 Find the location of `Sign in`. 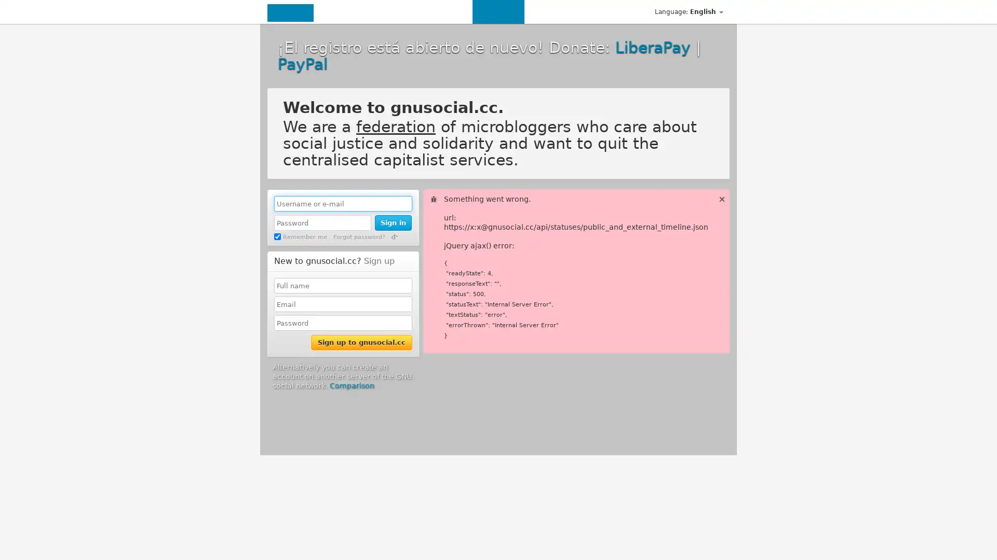

Sign in is located at coordinates (393, 222).